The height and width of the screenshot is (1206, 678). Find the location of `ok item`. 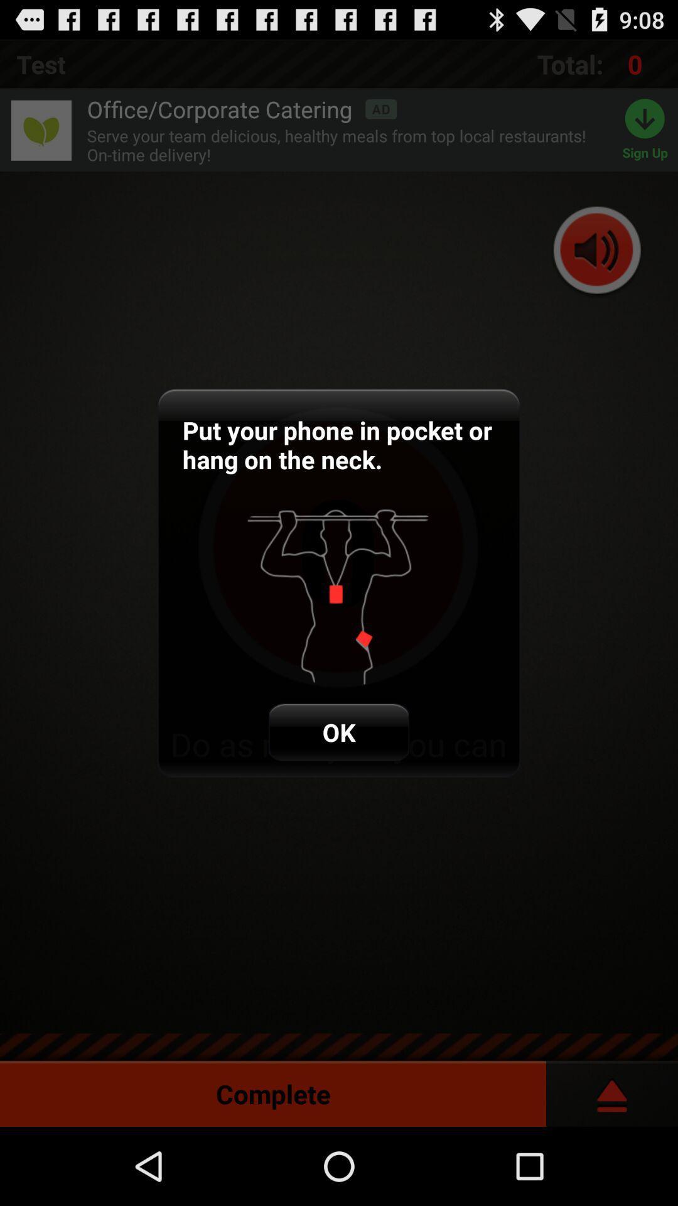

ok item is located at coordinates (339, 732).